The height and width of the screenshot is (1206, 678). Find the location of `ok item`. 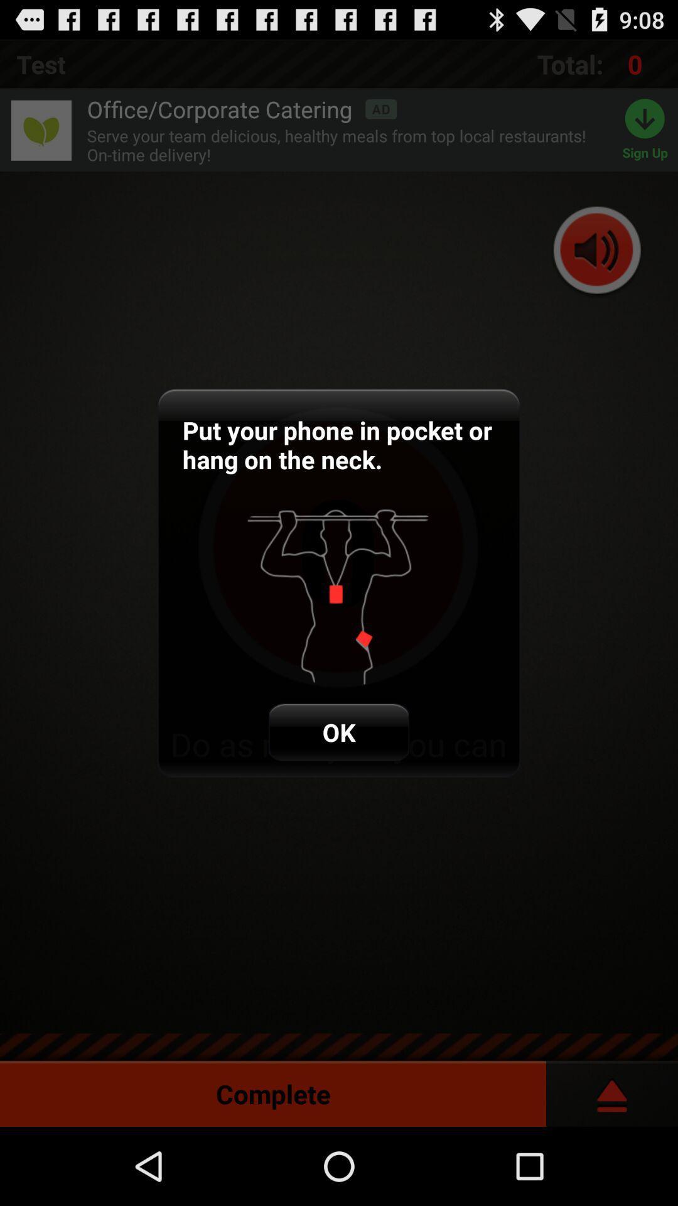

ok item is located at coordinates (339, 732).